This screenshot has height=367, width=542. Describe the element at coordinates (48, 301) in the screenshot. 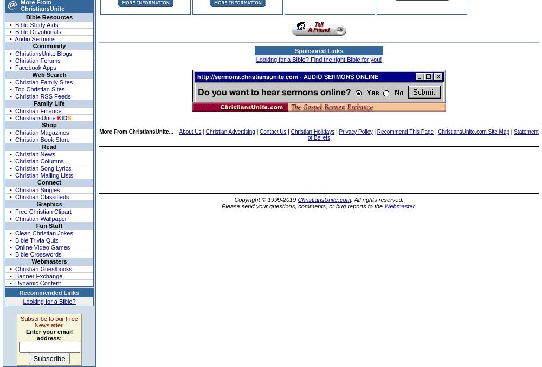

I see `'Looking for a Bible?'` at that location.